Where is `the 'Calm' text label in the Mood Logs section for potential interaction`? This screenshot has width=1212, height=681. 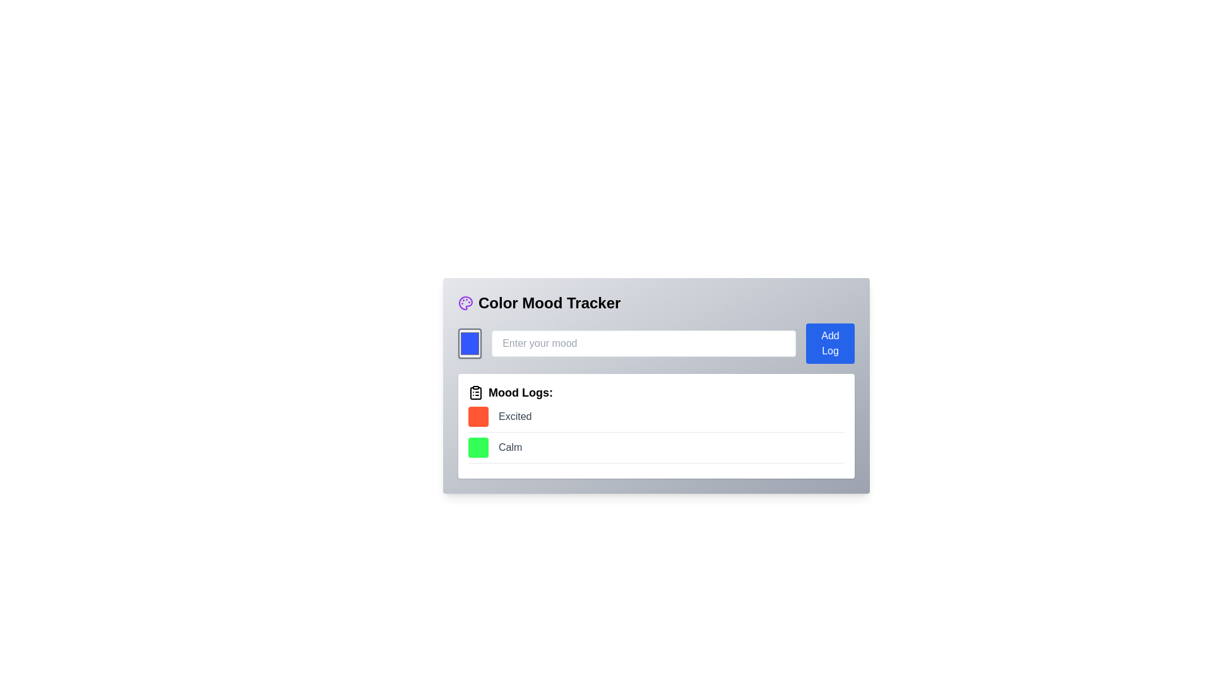
the 'Calm' text label in the Mood Logs section for potential interaction is located at coordinates (510, 446).